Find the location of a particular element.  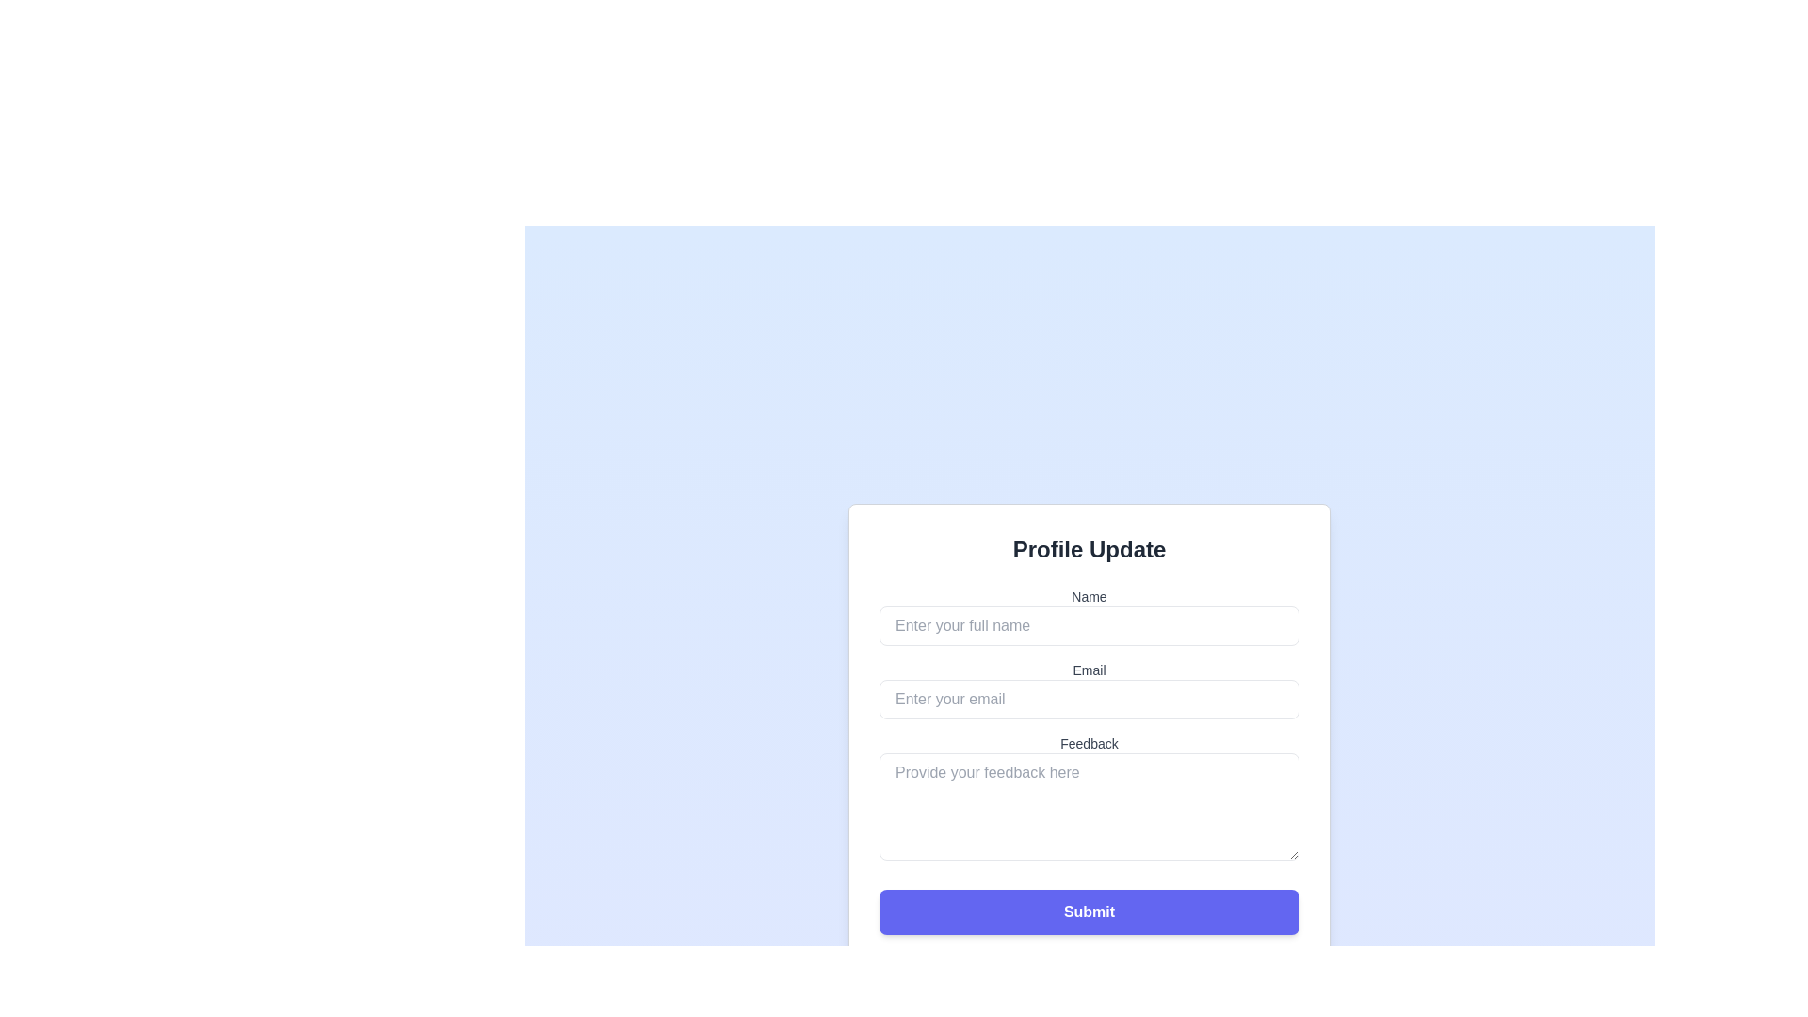

the submit button located at the bottom of the 'Profile Update' form to see the focus ring is located at coordinates (1089, 911).